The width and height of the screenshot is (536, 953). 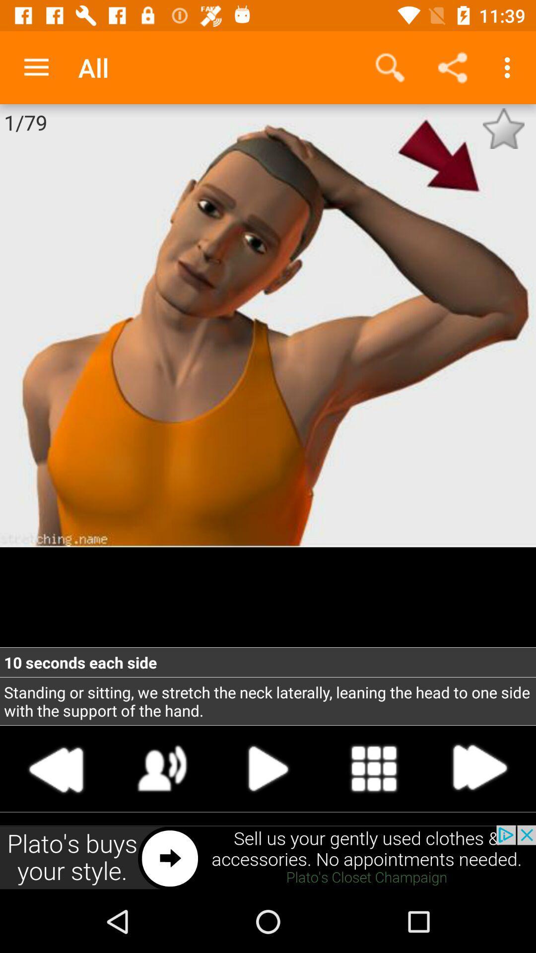 What do you see at coordinates (268, 768) in the screenshot?
I see `the play icon` at bounding box center [268, 768].